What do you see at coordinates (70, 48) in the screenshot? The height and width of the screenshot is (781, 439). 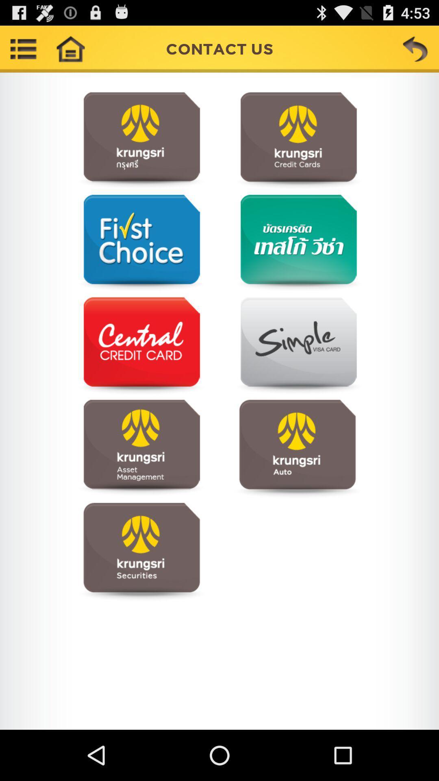 I see `home option` at bounding box center [70, 48].